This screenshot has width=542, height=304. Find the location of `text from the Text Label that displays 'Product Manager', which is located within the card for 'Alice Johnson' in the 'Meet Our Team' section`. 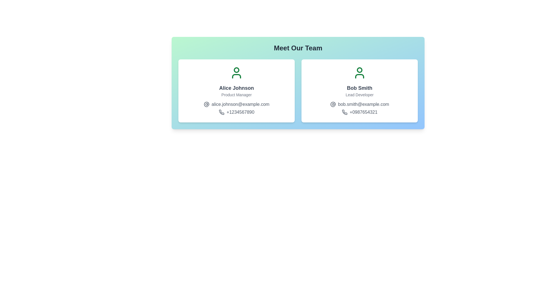

text from the Text Label that displays 'Product Manager', which is located within the card for 'Alice Johnson' in the 'Meet Our Team' section is located at coordinates (237, 94).